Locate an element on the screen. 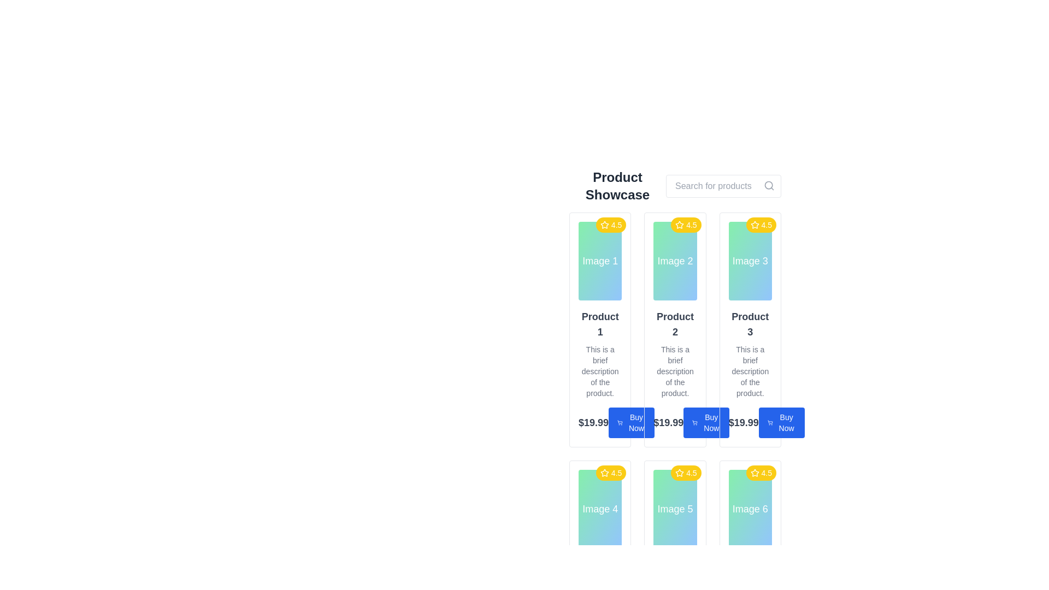 This screenshot has height=590, width=1049. the Rating badge located in the top-right corner of the product card for 'Image 5', which is in the fourth row and second column of the grid layout is located at coordinates (685, 473).